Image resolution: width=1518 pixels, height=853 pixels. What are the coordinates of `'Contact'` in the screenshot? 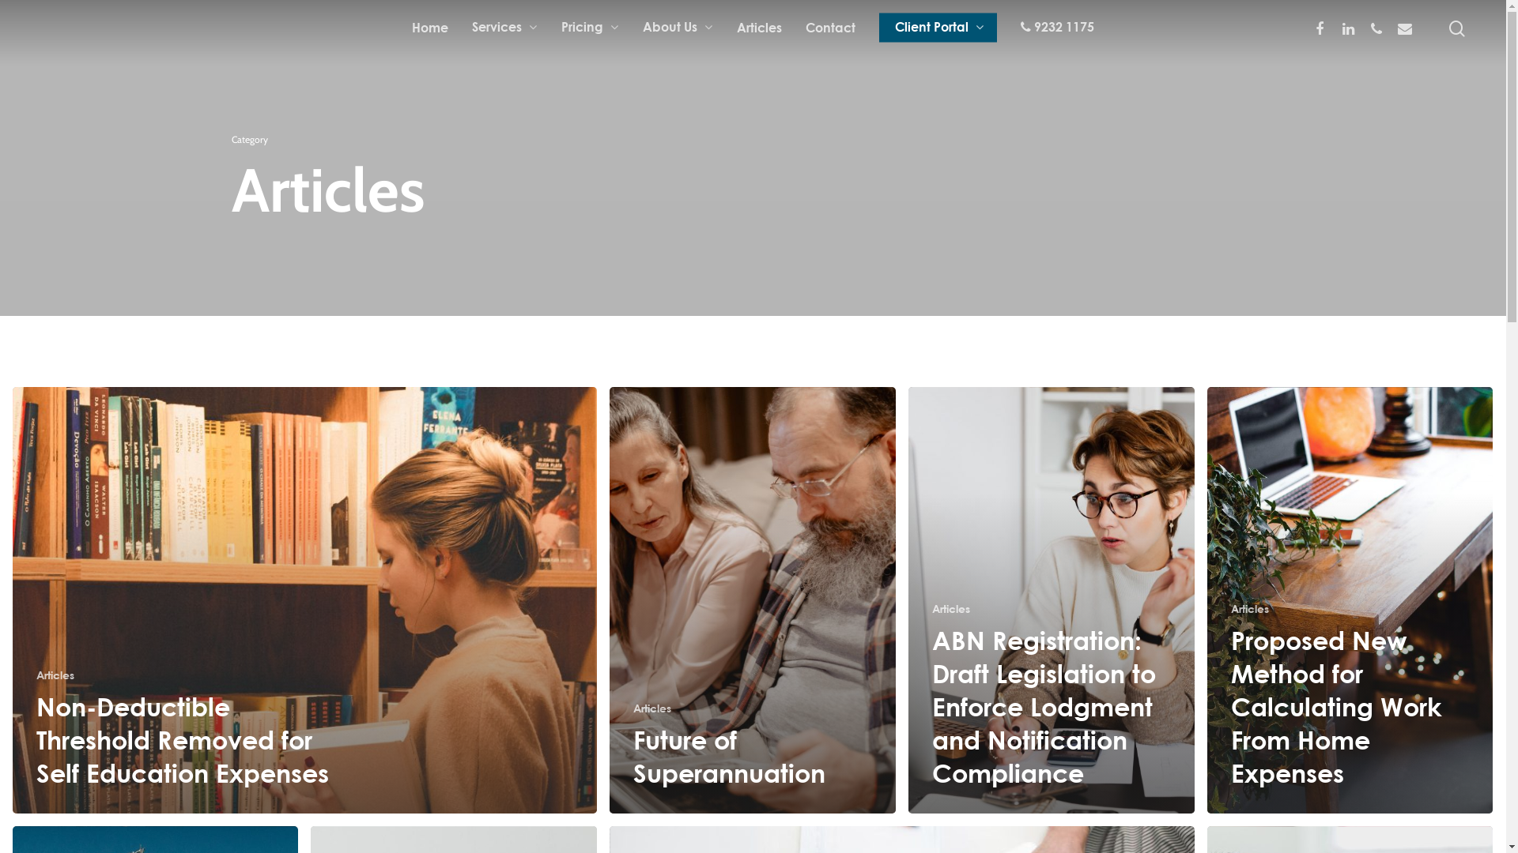 It's located at (829, 27).